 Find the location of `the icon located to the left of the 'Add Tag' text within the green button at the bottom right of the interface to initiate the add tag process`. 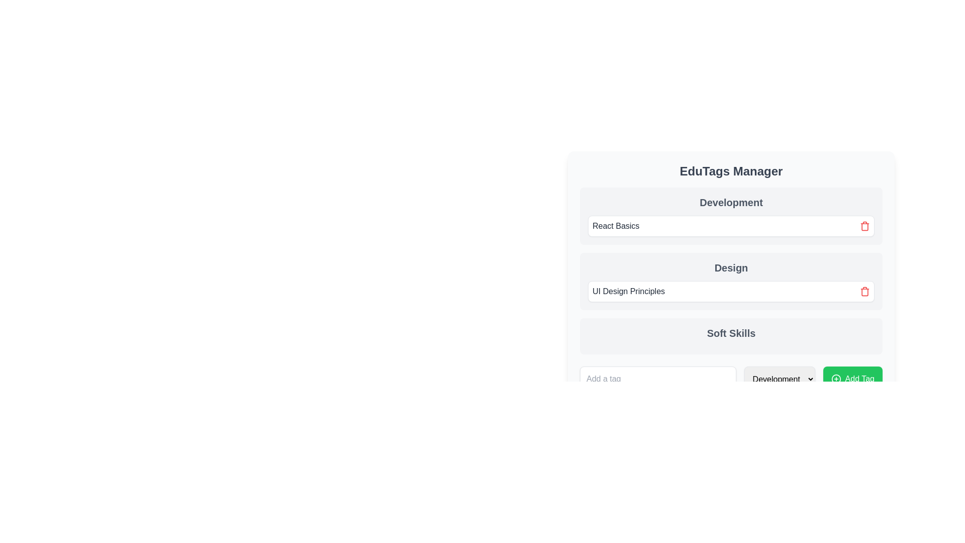

the icon located to the left of the 'Add Tag' text within the green button at the bottom right of the interface to initiate the add tag process is located at coordinates (836, 379).